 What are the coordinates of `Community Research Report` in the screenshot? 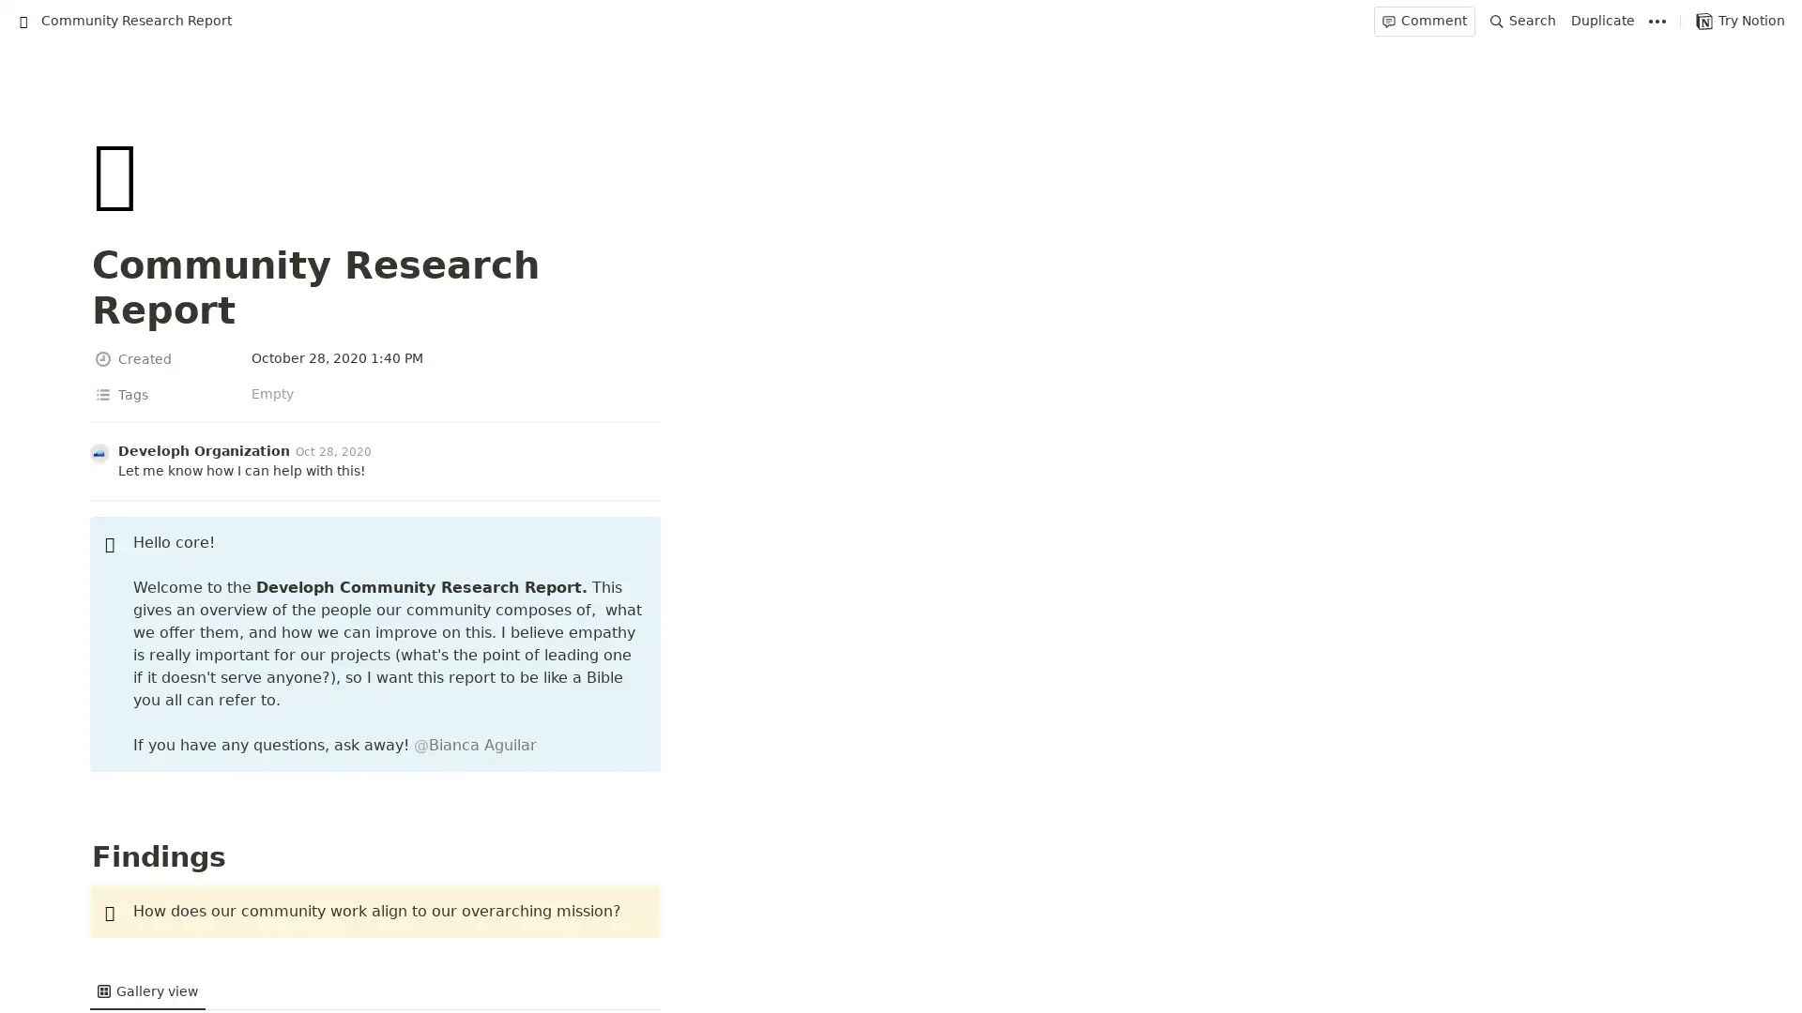 It's located at (123, 21).